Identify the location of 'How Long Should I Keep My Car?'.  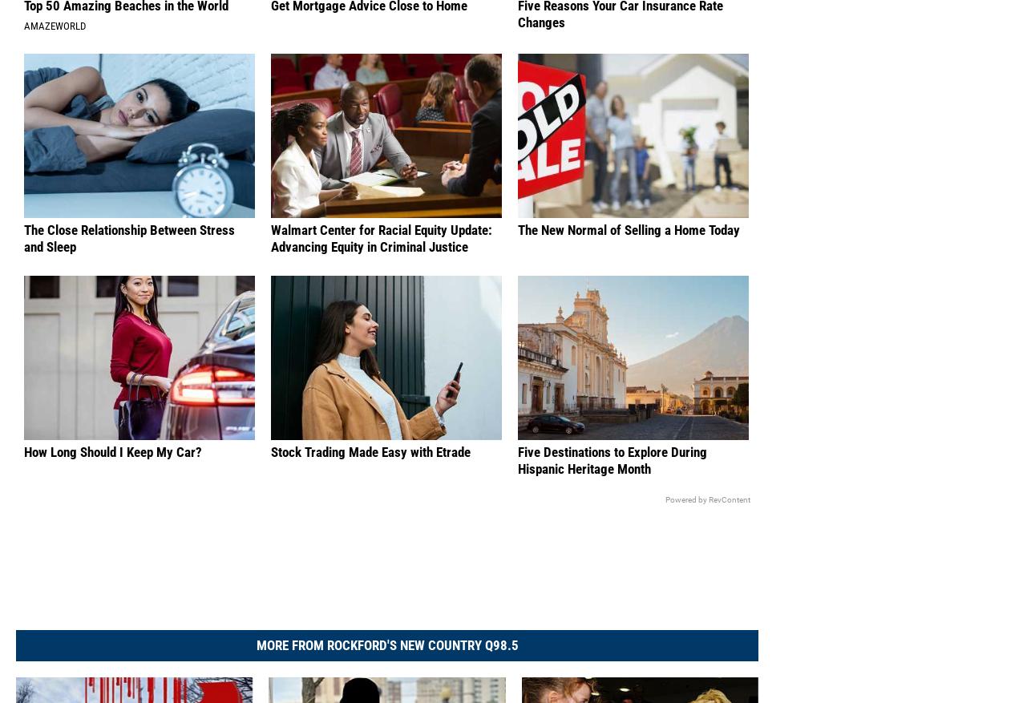
(112, 469).